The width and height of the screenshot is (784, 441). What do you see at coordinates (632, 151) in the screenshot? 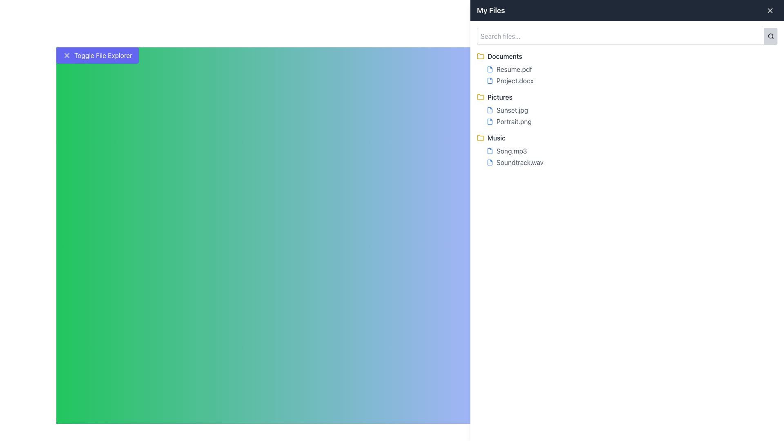
I see `on the file item named 'Song.mp3' in the Music folder` at bounding box center [632, 151].